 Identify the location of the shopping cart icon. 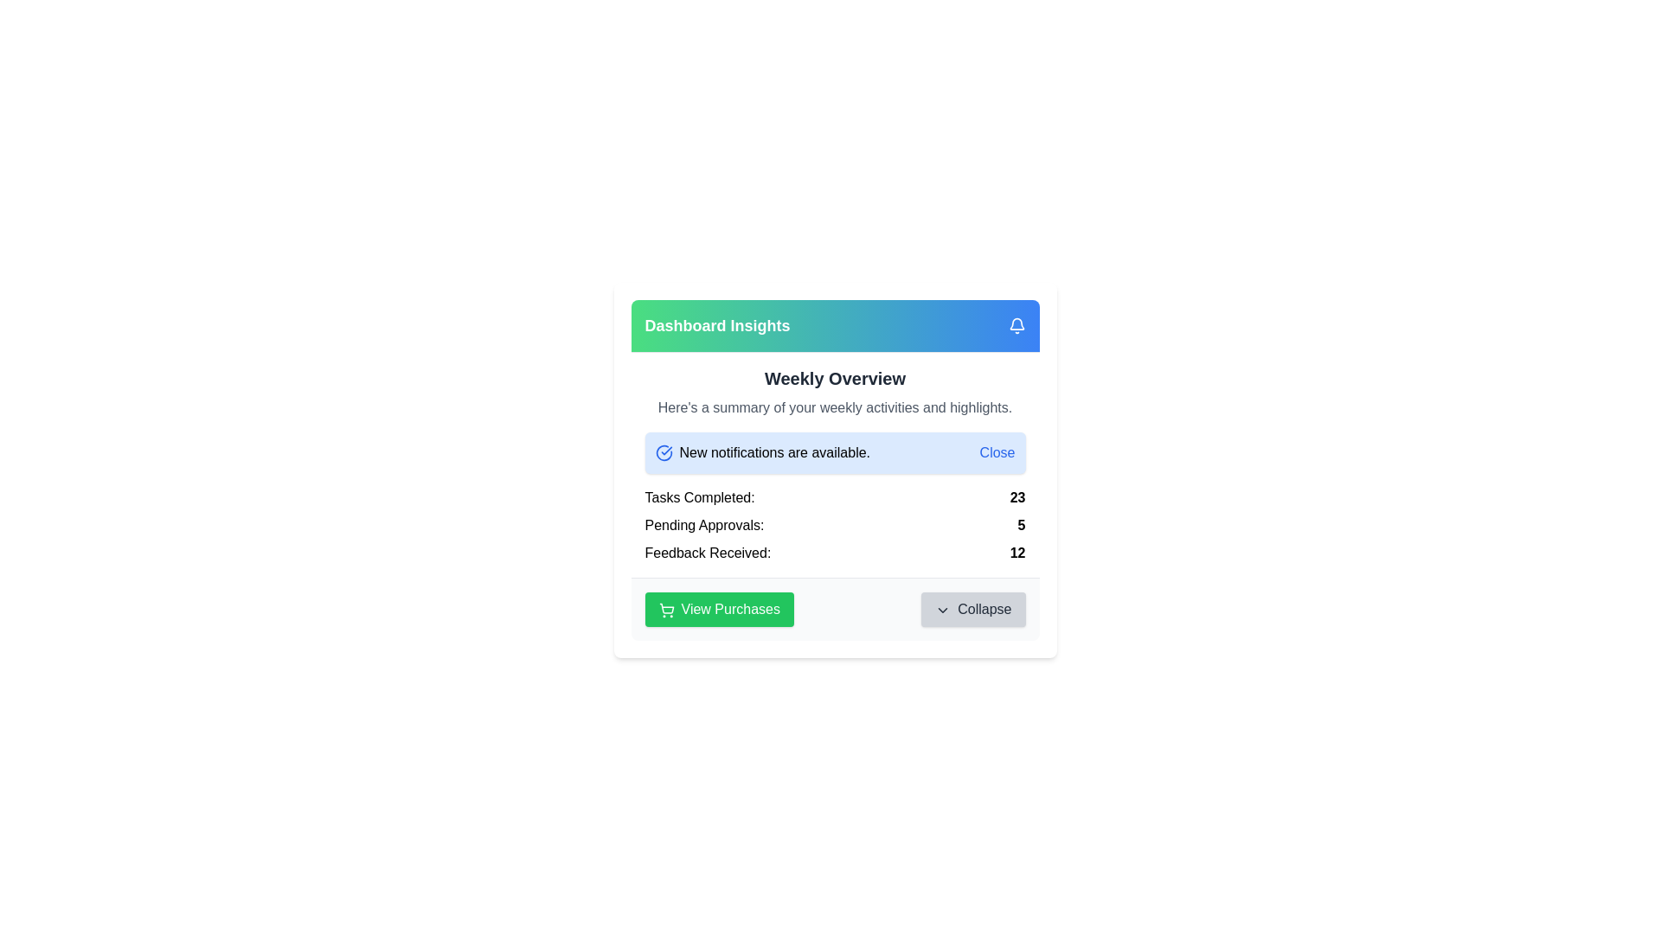
(665, 607).